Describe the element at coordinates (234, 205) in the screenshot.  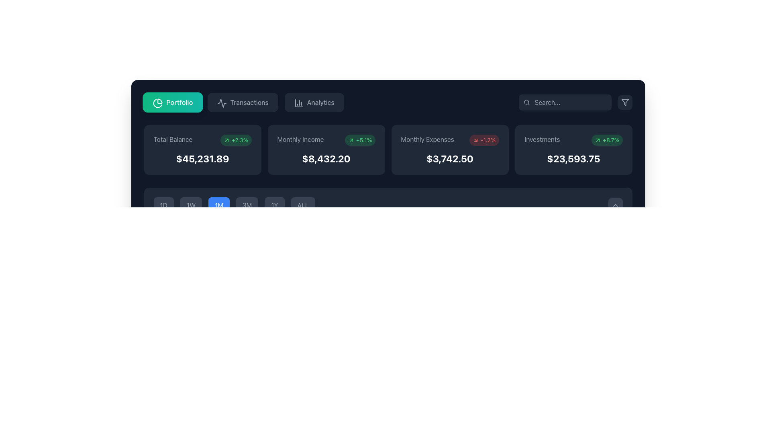
I see `the currently selected blue button labeled '1M'` at that location.